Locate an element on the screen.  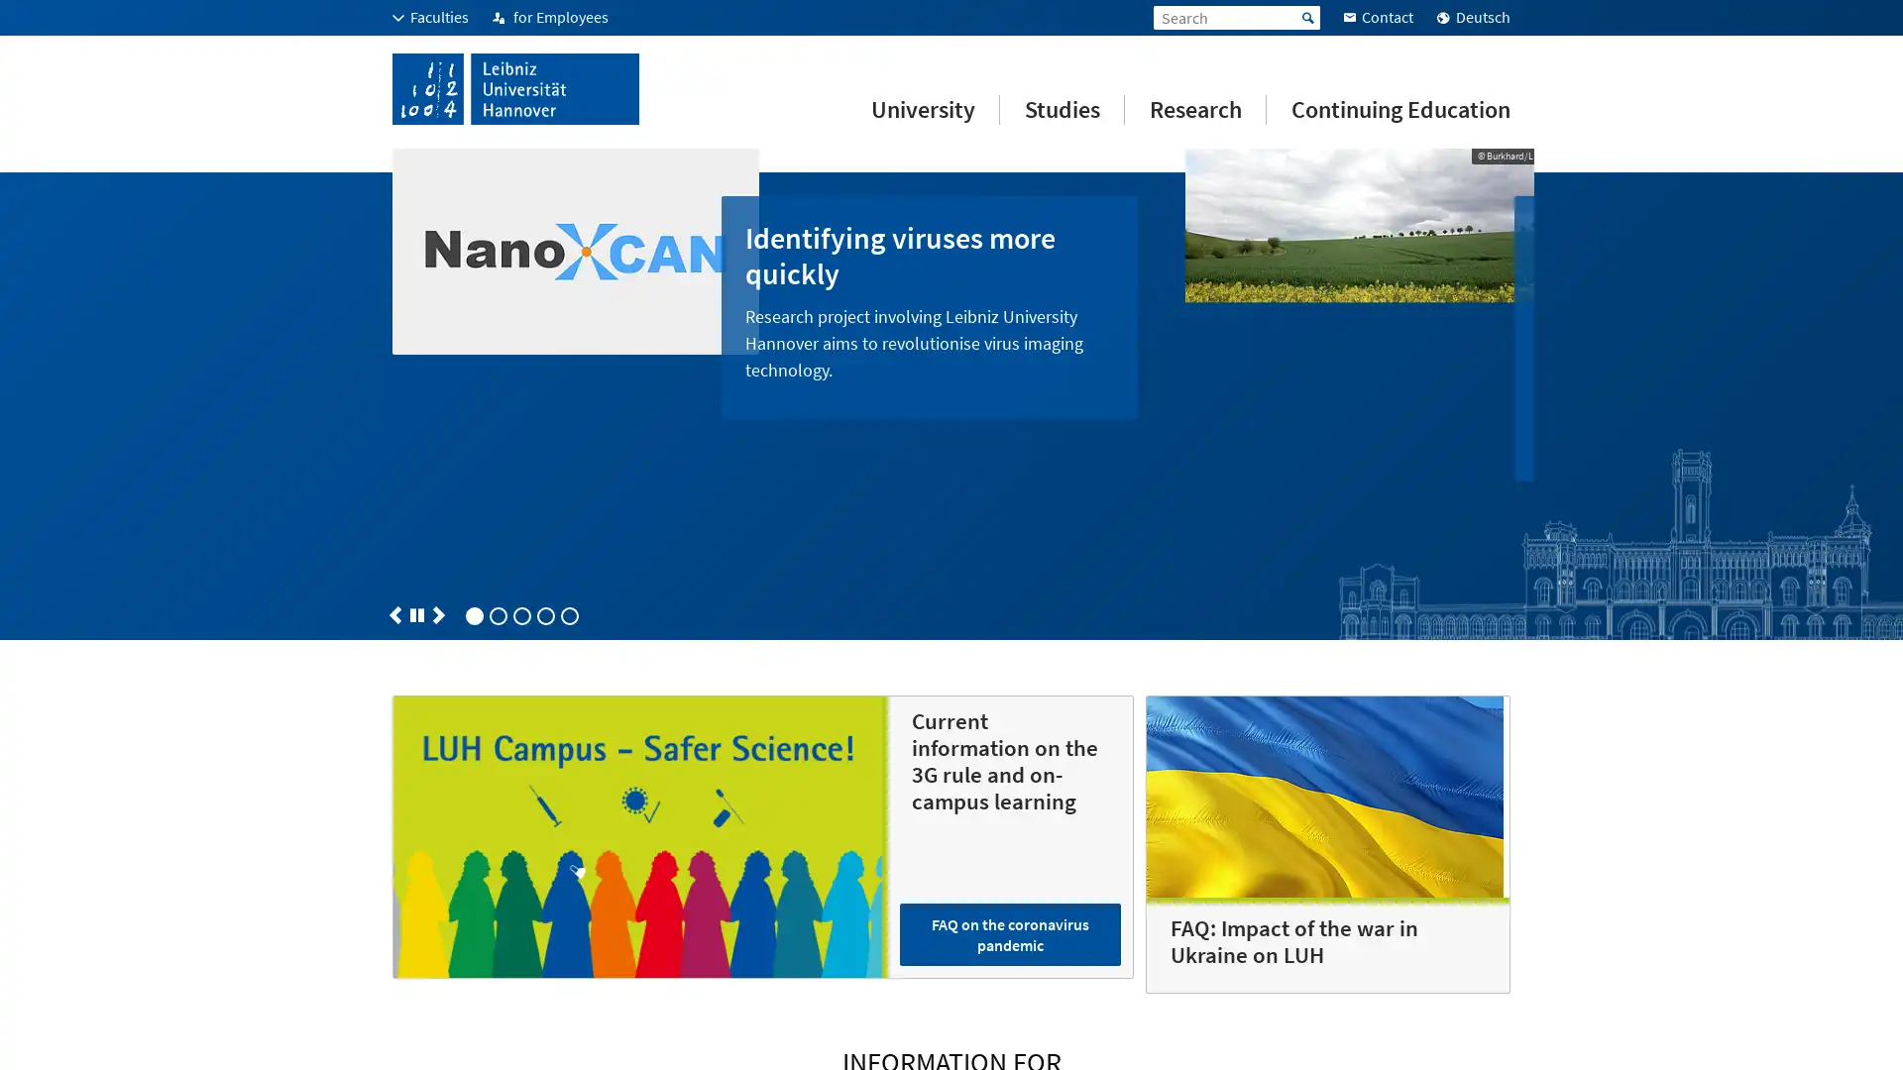
P is located at coordinates (416, 490).